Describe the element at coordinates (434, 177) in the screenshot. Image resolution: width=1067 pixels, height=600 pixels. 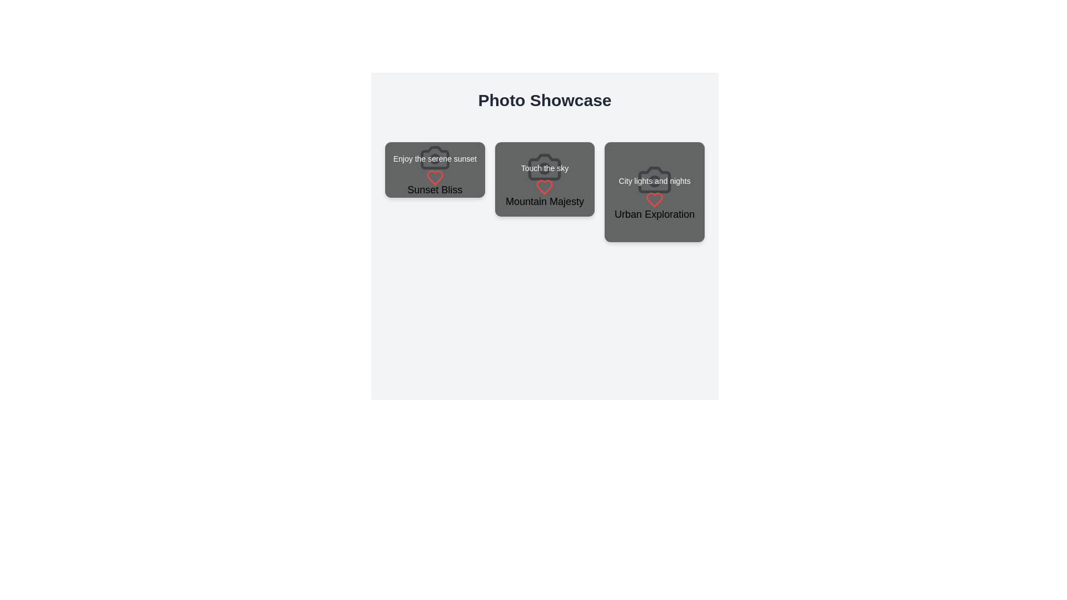
I see `the heart icon representing the 'like' or 'favorite' function on the first card labeled 'Sunset Bliss' in the top-left area of the interface` at that location.